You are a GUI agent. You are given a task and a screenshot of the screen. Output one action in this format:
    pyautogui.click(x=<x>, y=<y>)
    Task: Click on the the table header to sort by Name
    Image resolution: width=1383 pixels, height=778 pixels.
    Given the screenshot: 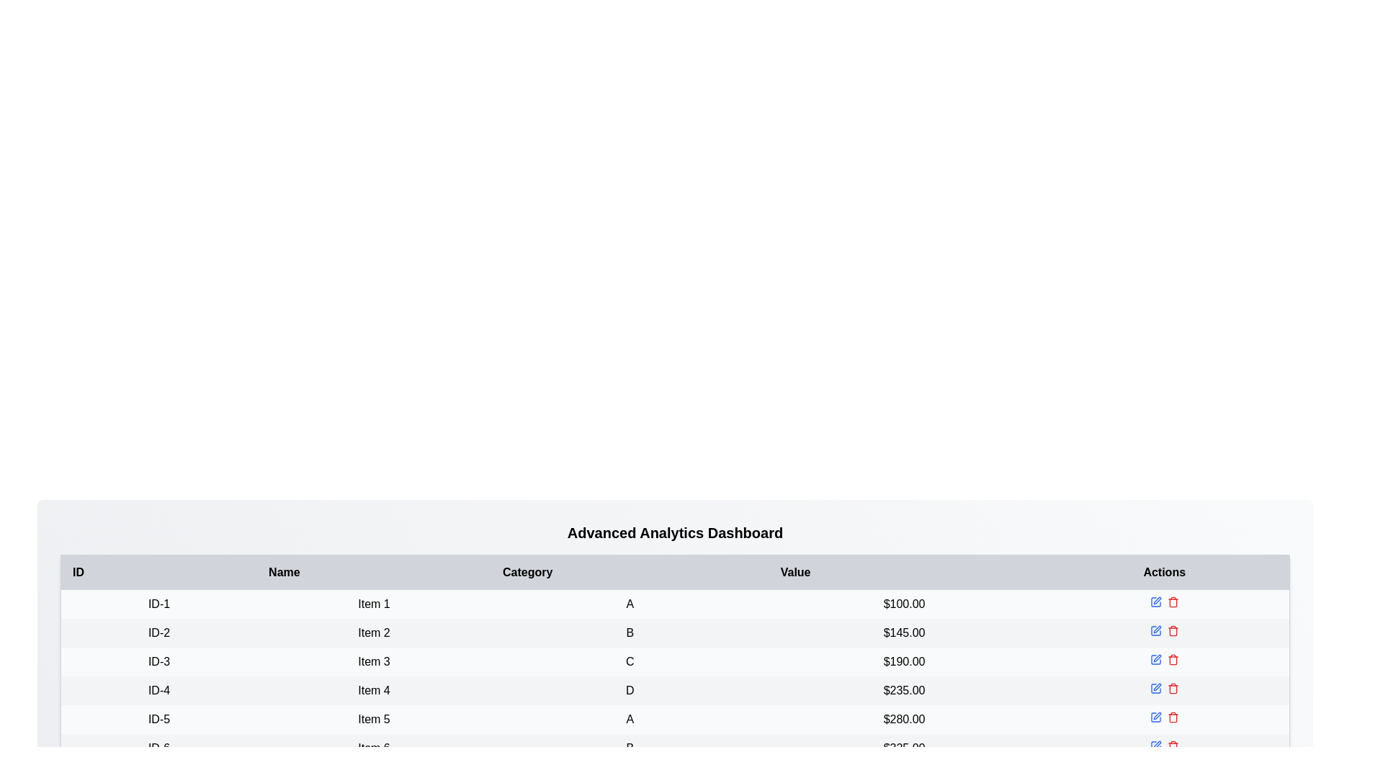 What is the action you would take?
    pyautogui.click(x=374, y=571)
    